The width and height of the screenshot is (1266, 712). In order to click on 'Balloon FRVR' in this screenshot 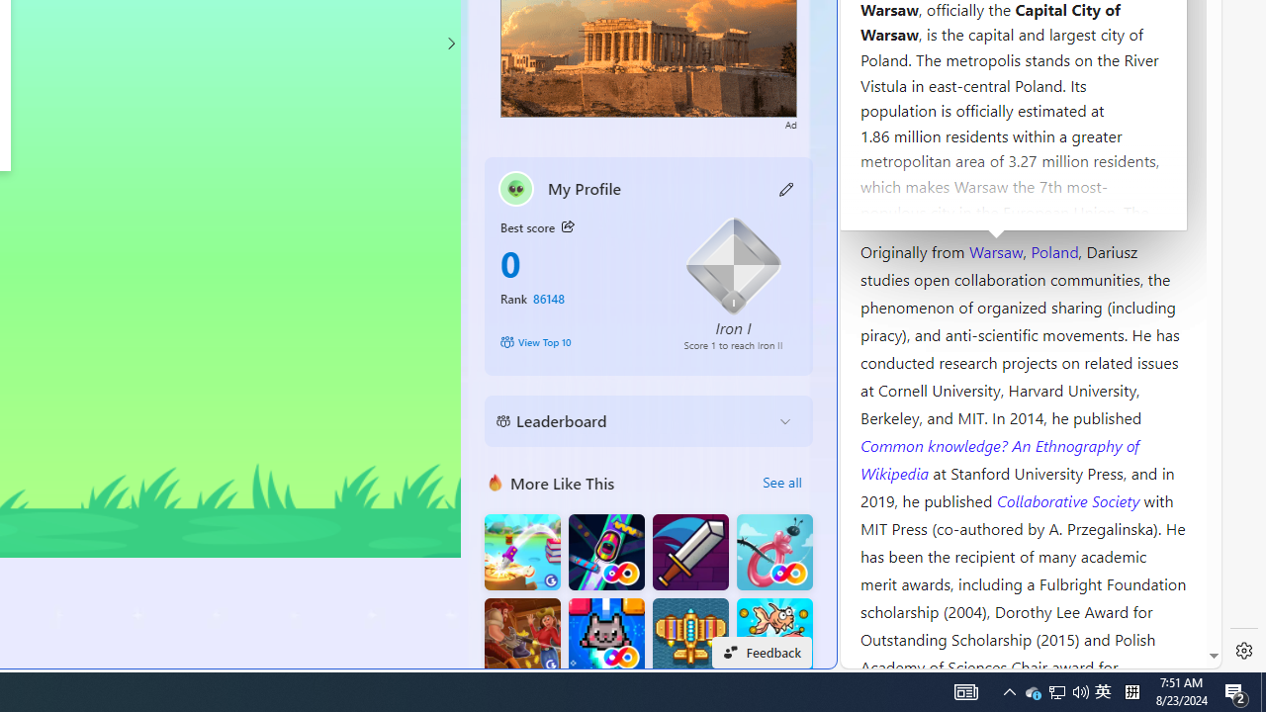, I will do `click(773, 552)`.